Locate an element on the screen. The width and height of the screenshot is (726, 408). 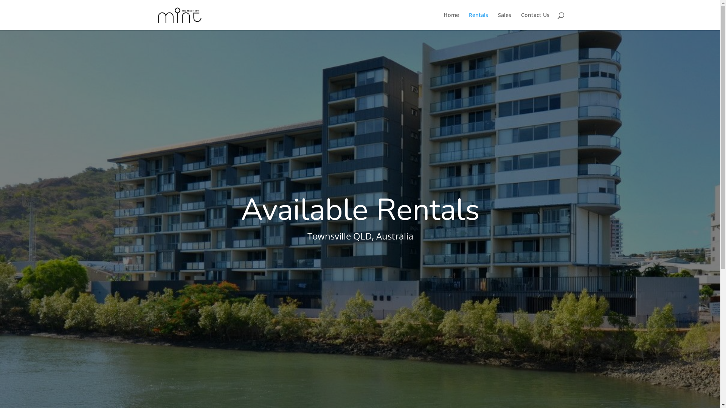
'Rentals' is located at coordinates (478, 21).